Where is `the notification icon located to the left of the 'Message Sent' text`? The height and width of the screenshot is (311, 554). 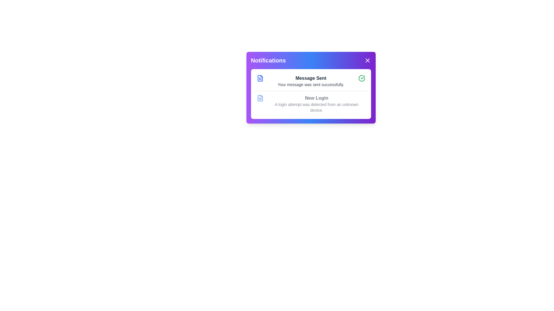 the notification icon located to the left of the 'Message Sent' text is located at coordinates (260, 78).